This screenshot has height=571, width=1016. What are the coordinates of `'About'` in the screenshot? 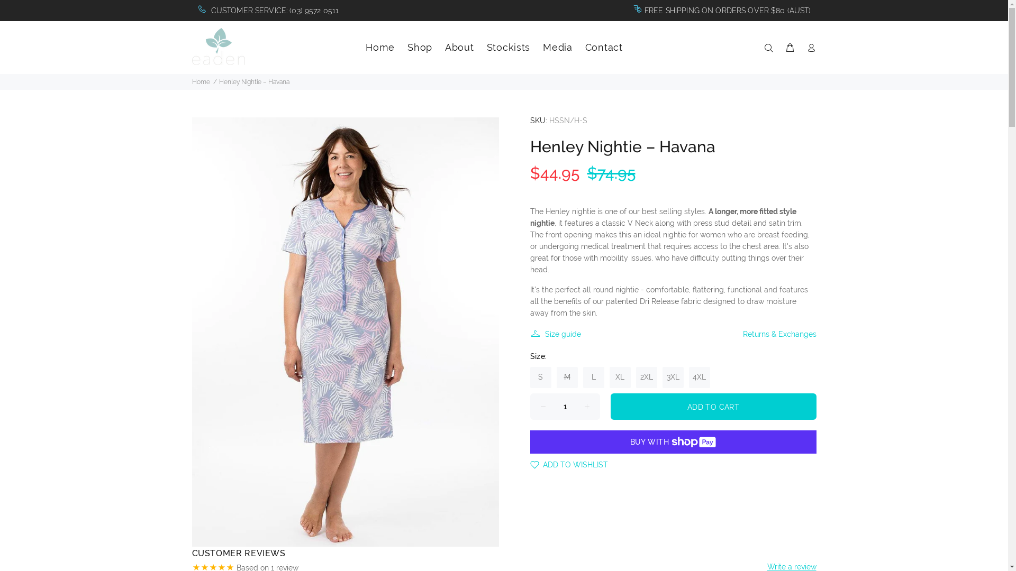 It's located at (449, 47).